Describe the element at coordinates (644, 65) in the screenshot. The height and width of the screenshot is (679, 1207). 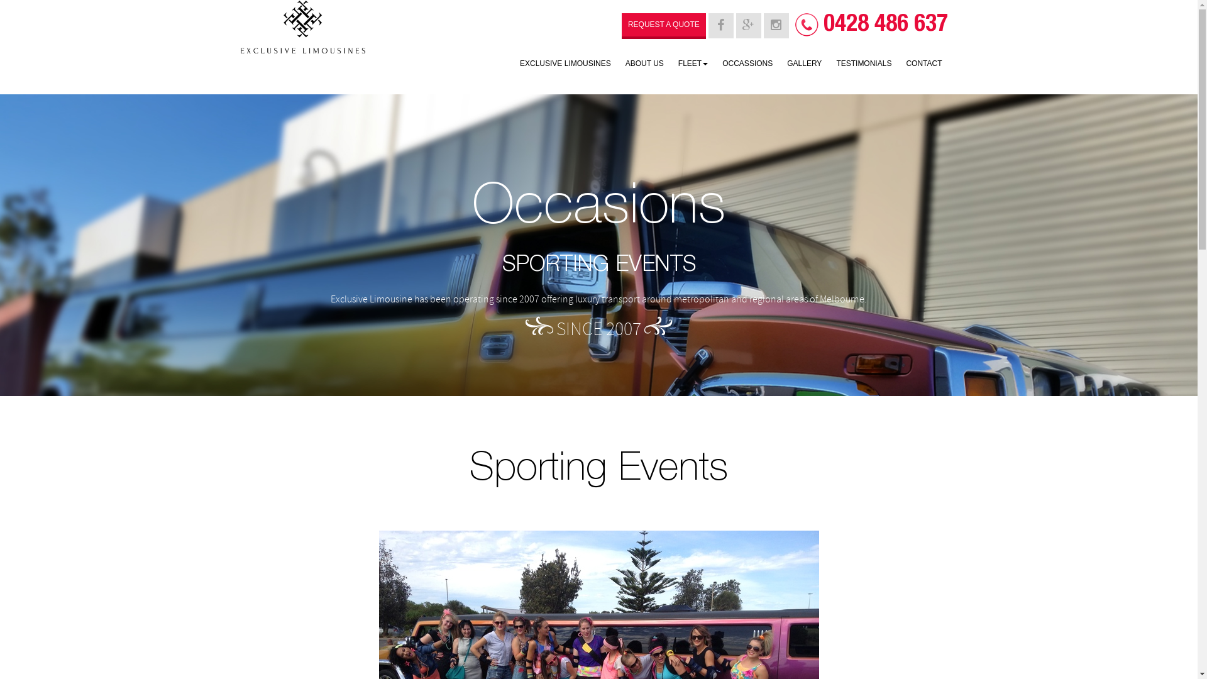
I see `'ABOUT US'` at that location.